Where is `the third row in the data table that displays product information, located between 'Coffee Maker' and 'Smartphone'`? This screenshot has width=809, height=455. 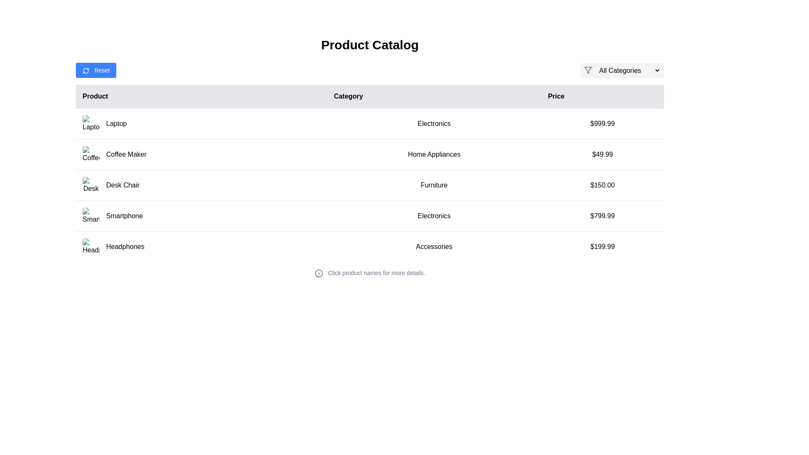 the third row in the data table that displays product information, located between 'Coffee Maker' and 'Smartphone' is located at coordinates (370, 185).